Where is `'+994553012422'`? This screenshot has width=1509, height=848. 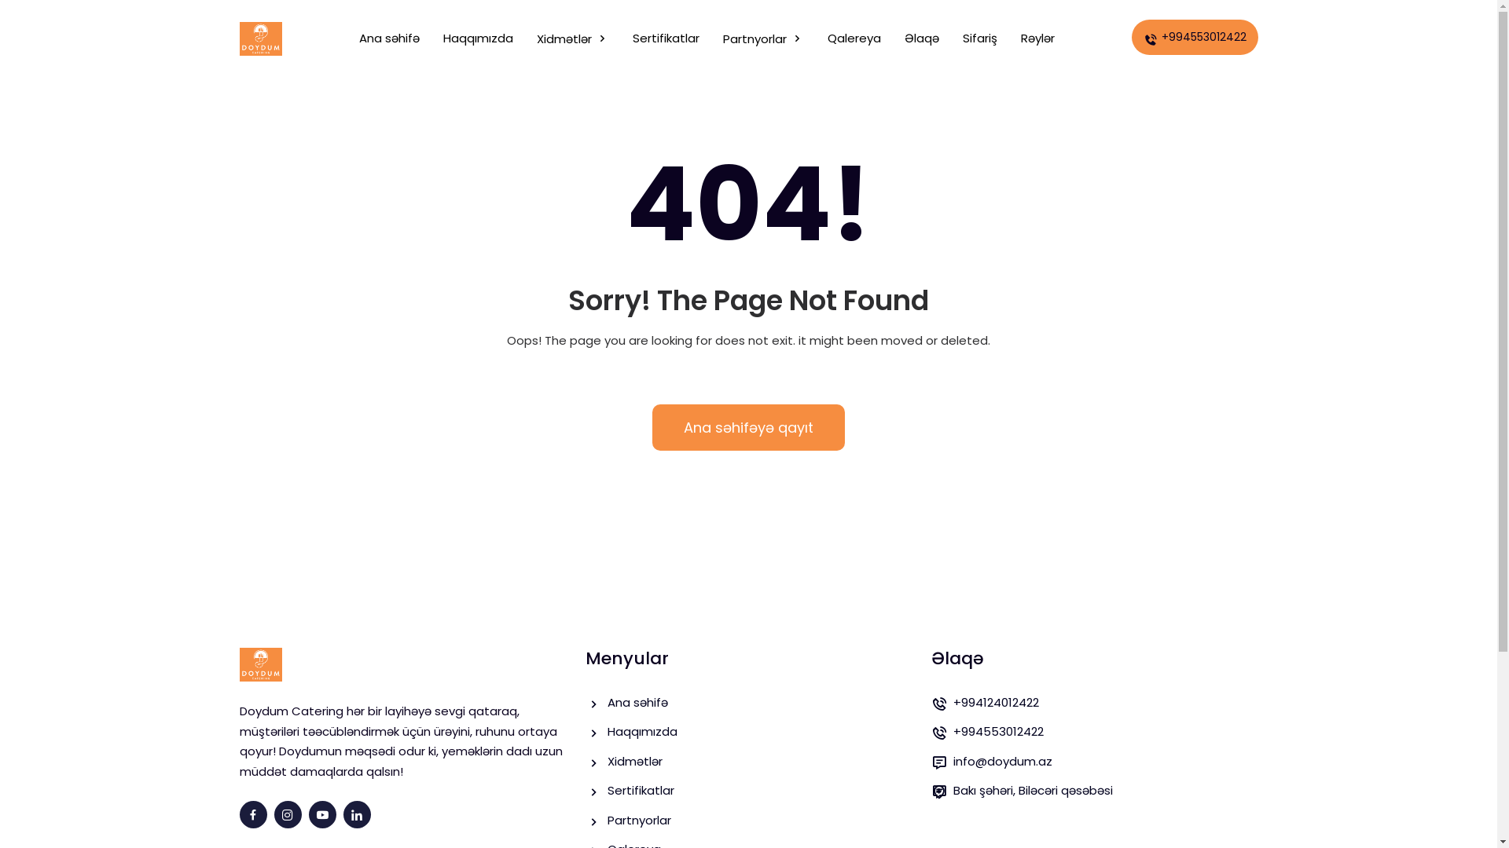
'+994553012422' is located at coordinates (1195, 36).